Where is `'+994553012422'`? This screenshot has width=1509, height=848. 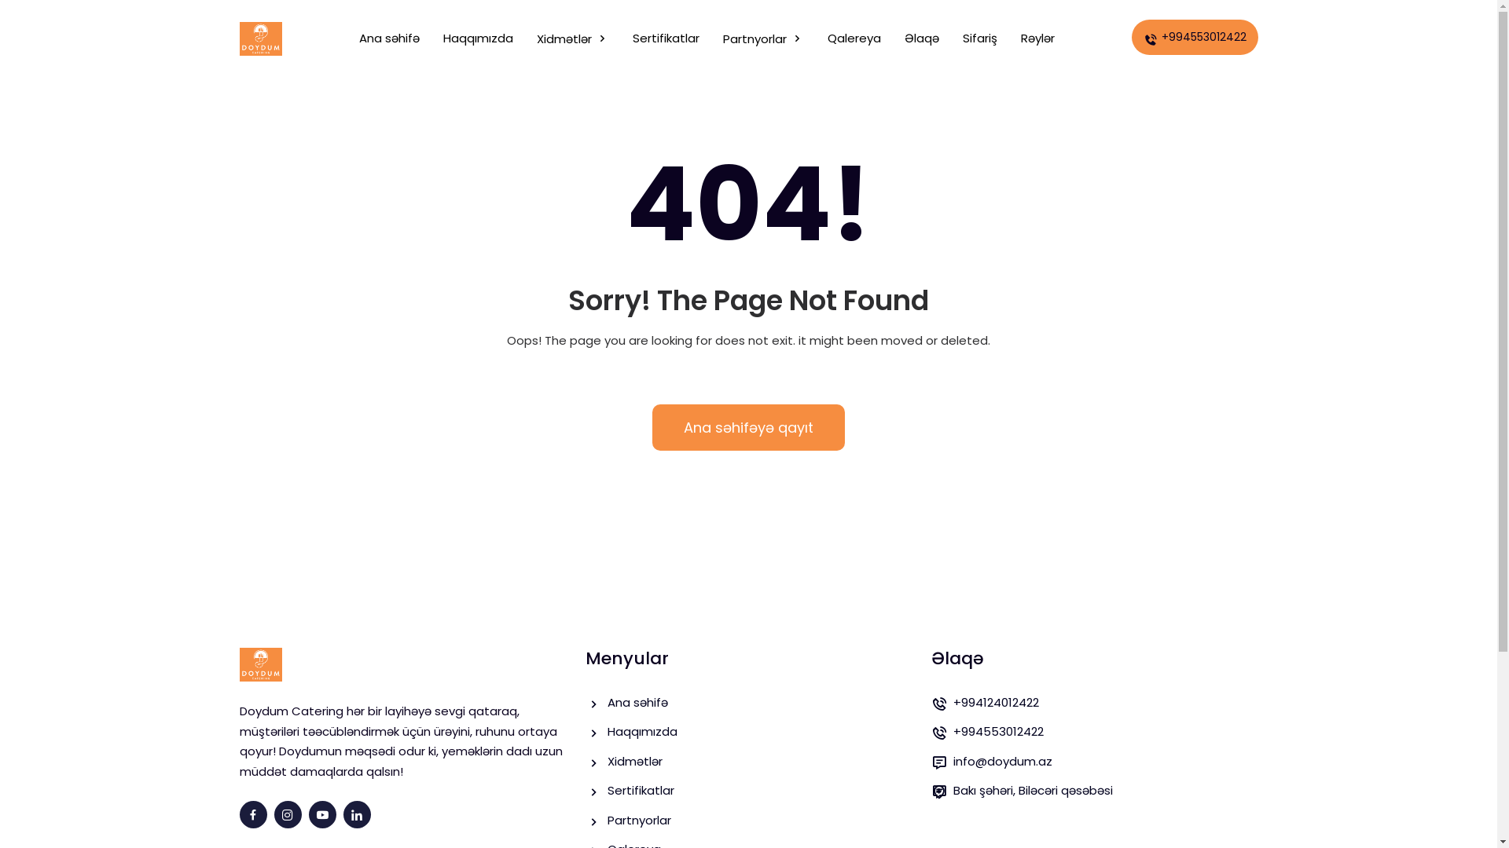
'+994553012422' is located at coordinates (1195, 36).